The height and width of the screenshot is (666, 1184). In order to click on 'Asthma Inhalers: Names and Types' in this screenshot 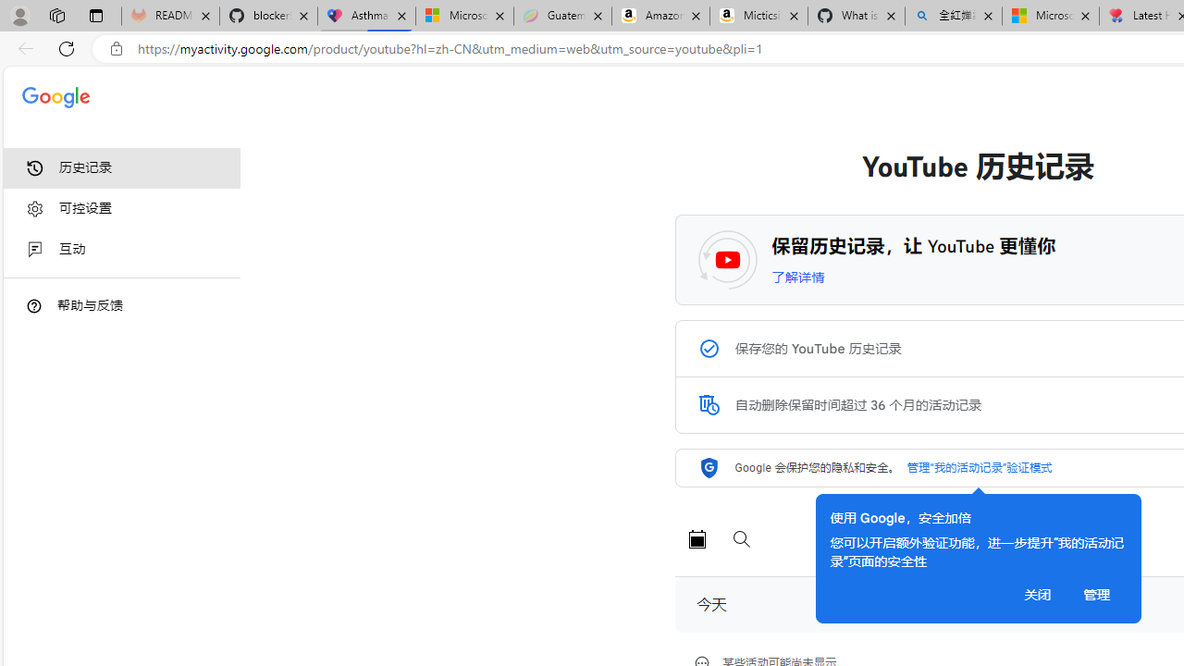, I will do `click(366, 16)`.